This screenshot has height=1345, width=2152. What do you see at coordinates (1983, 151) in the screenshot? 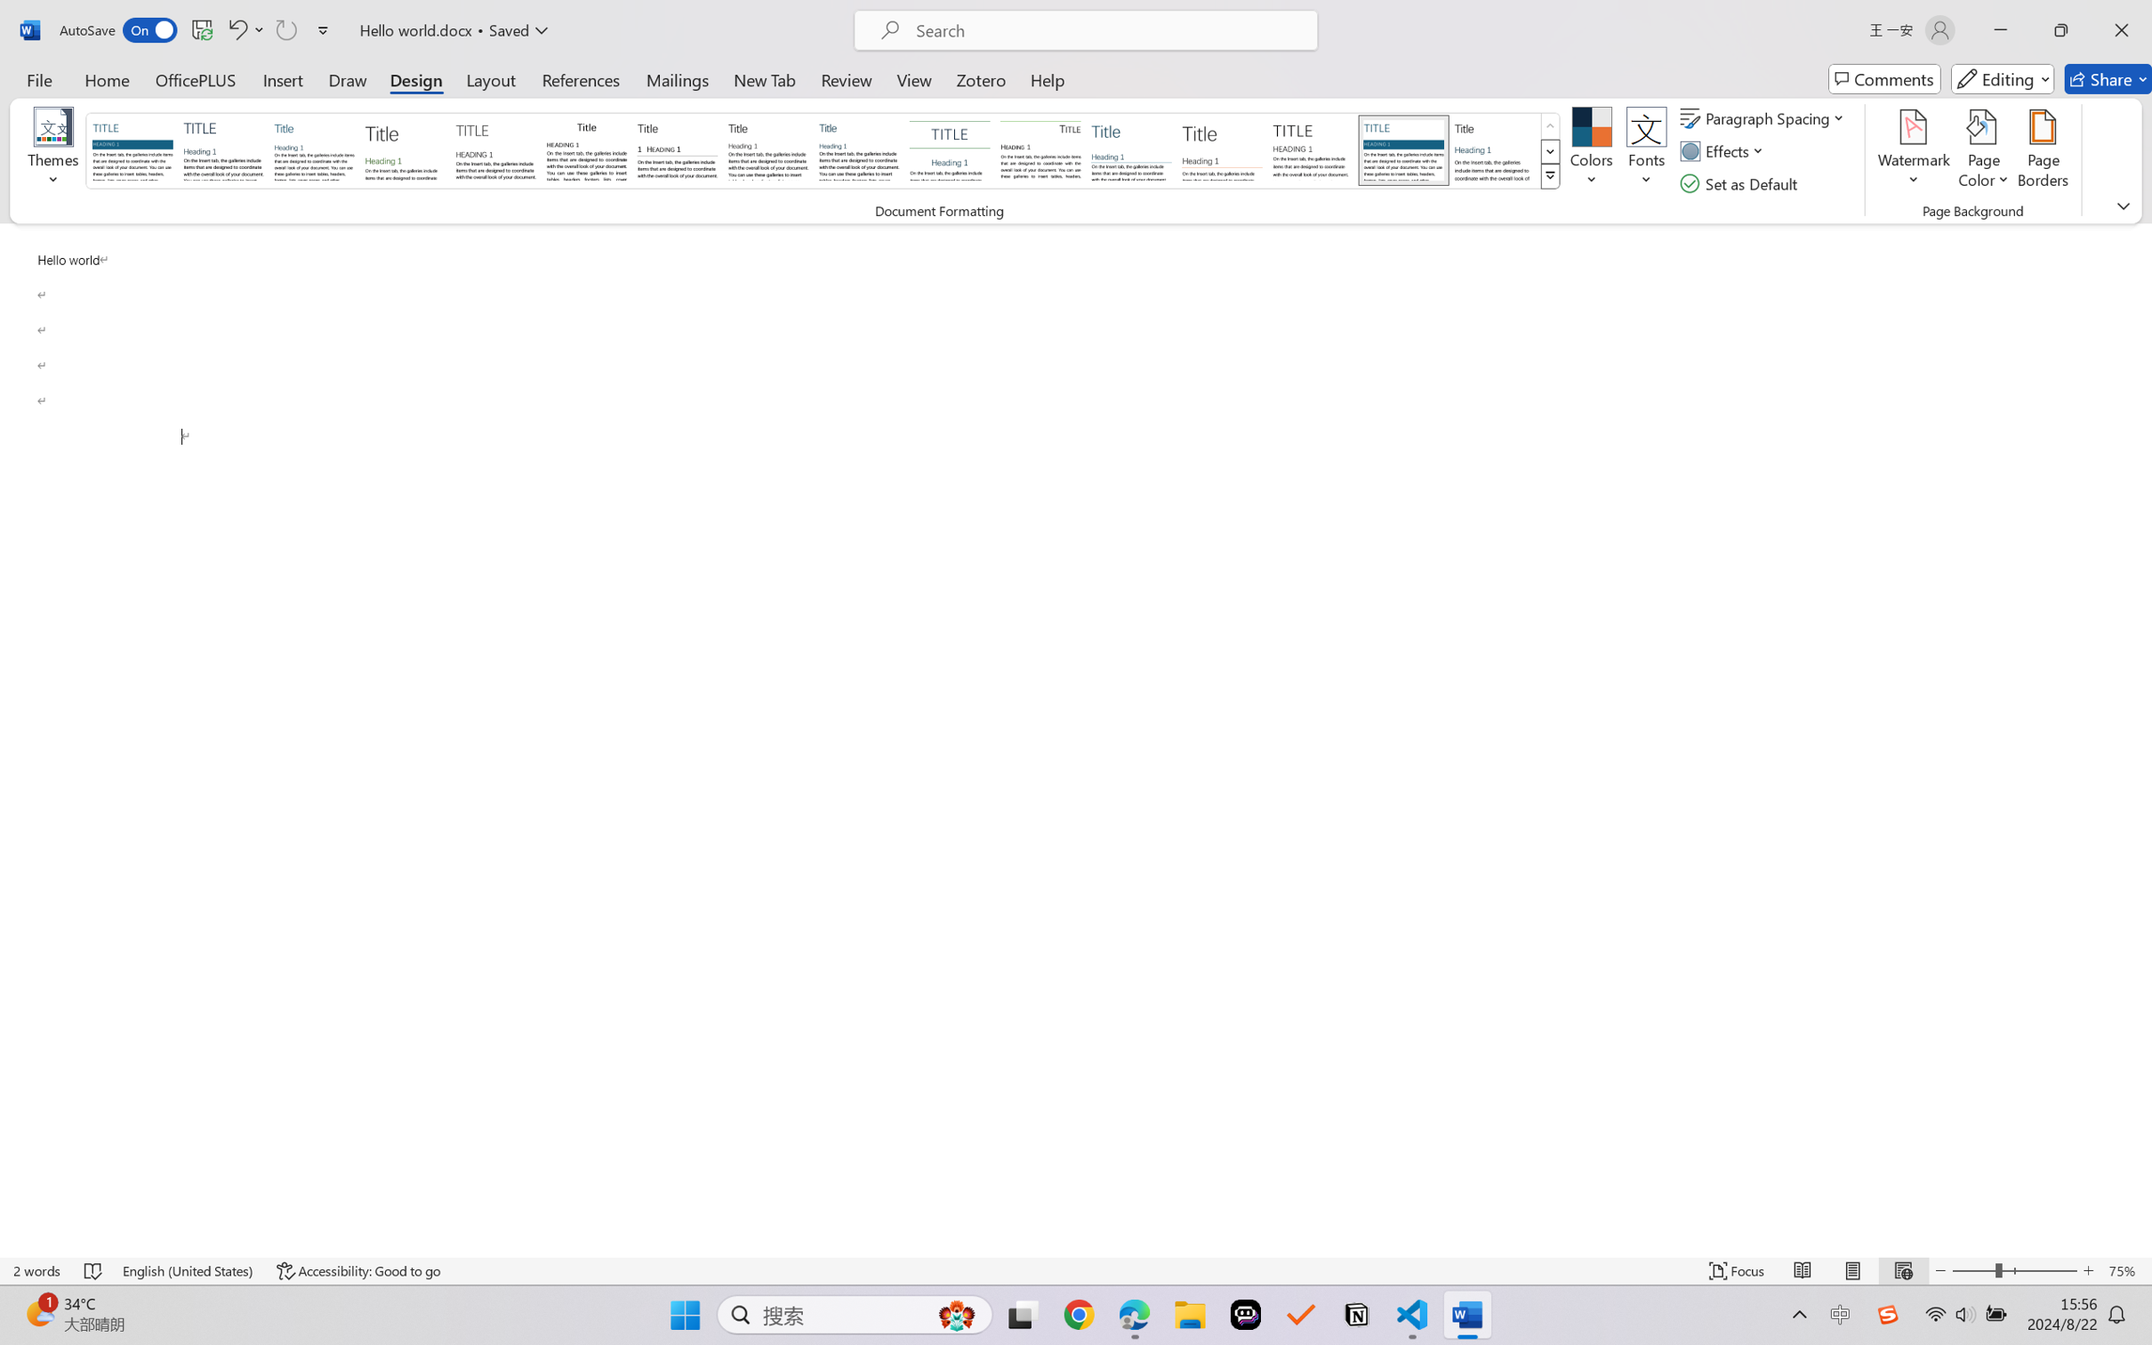
I see `'Page Color'` at bounding box center [1983, 151].